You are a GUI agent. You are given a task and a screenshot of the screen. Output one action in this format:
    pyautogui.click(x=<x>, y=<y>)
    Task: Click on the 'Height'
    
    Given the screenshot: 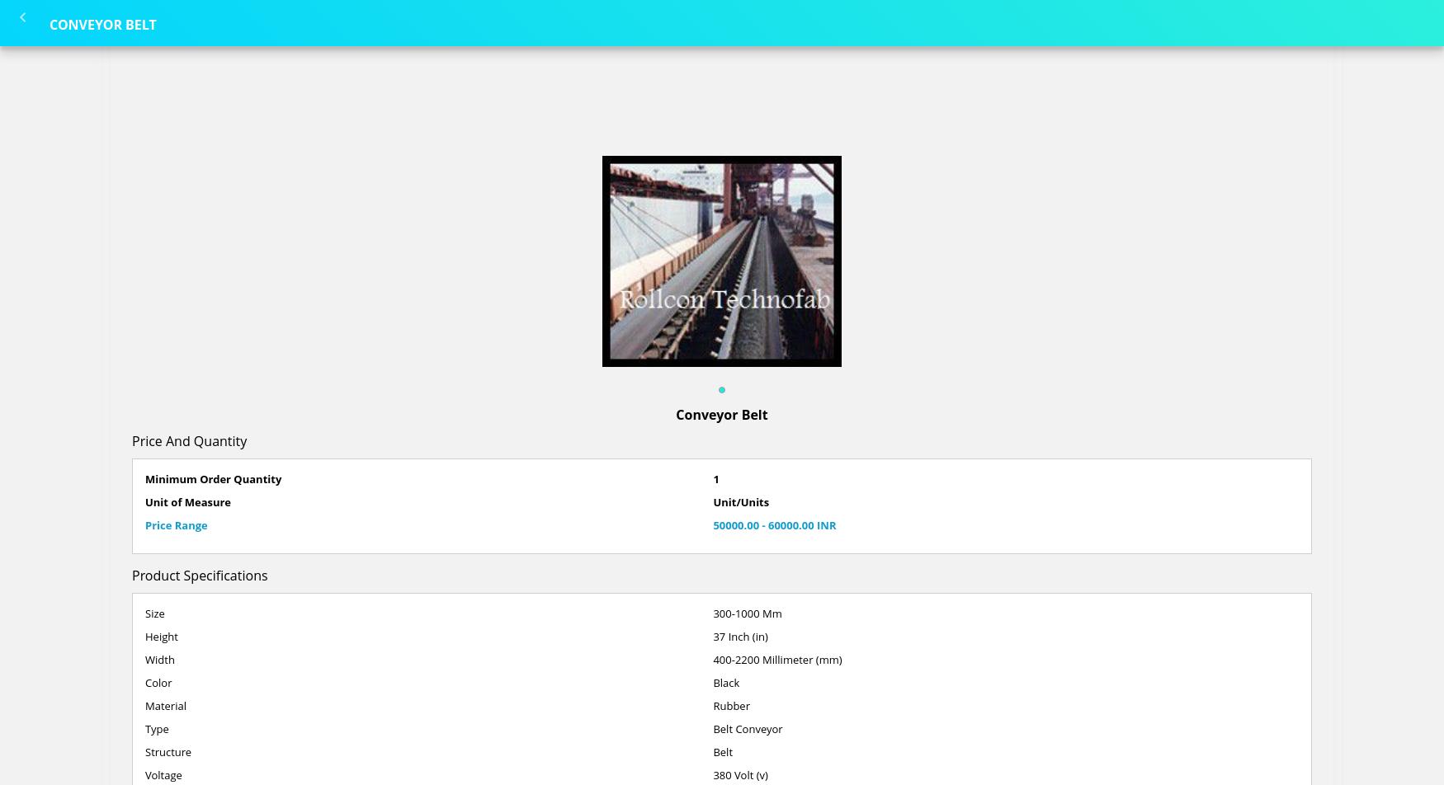 What is the action you would take?
    pyautogui.click(x=161, y=636)
    